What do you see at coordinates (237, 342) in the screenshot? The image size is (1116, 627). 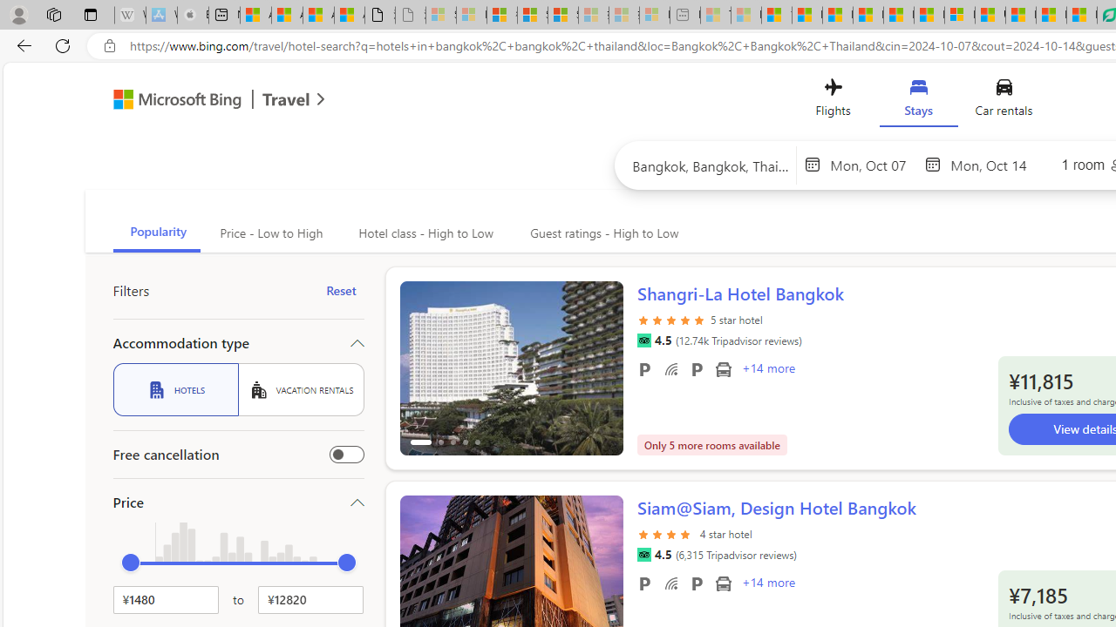 I see `'Accommodation type'` at bounding box center [237, 342].